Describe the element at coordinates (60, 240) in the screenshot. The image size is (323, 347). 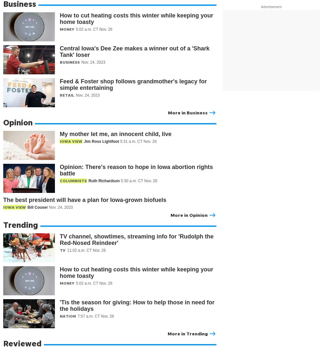
I see `'TV channel, showtimes, streaming info for 'Rudolph the Red-Nosed Reindeer''` at that location.